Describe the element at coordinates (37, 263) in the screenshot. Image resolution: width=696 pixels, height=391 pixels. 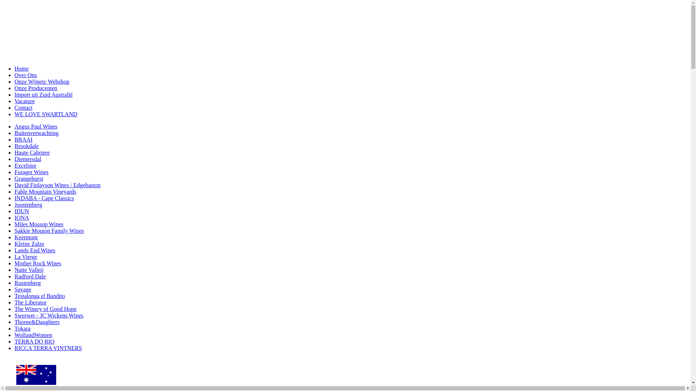
I see `'Mother Rock Wines'` at that location.